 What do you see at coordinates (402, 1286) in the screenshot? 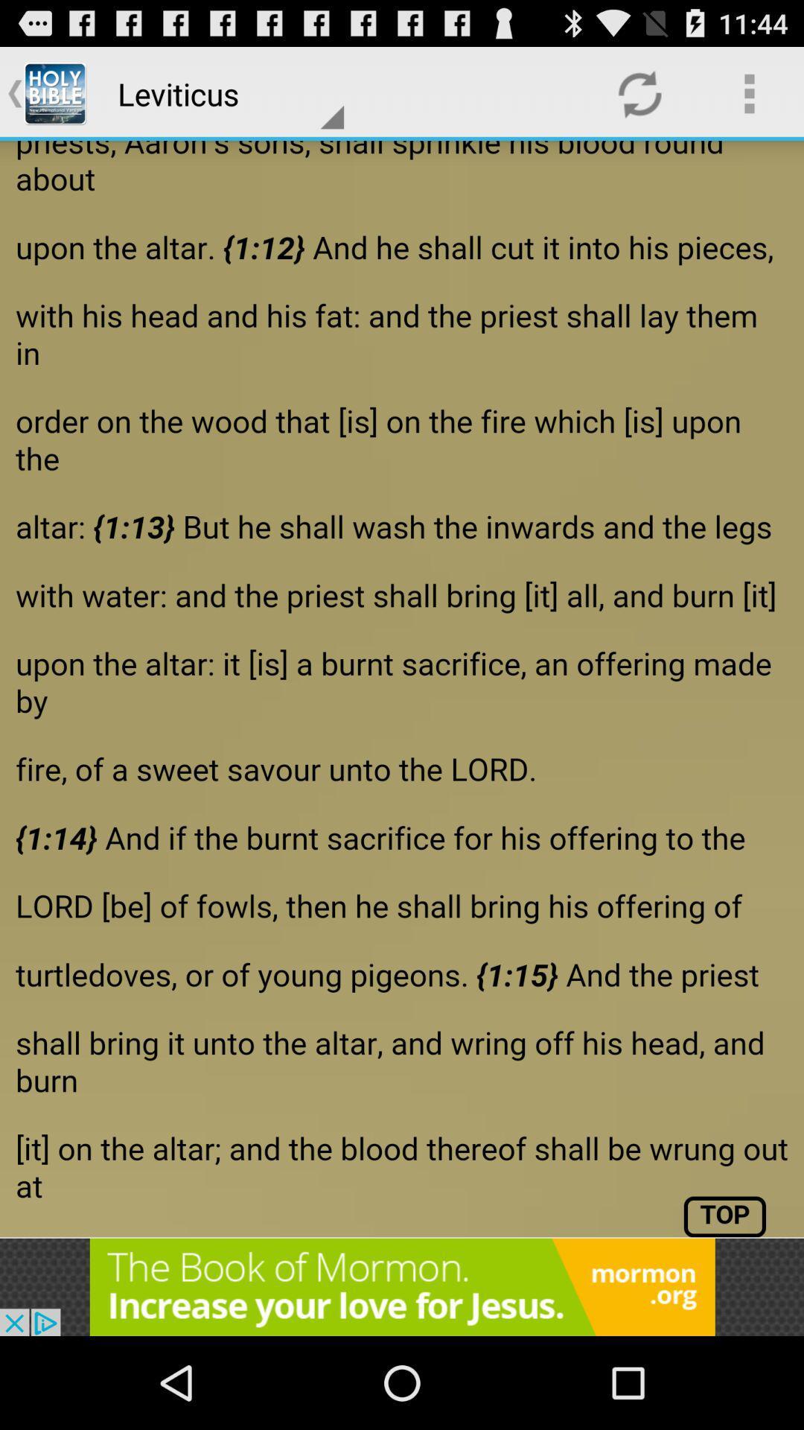
I see `advertisement website` at bounding box center [402, 1286].